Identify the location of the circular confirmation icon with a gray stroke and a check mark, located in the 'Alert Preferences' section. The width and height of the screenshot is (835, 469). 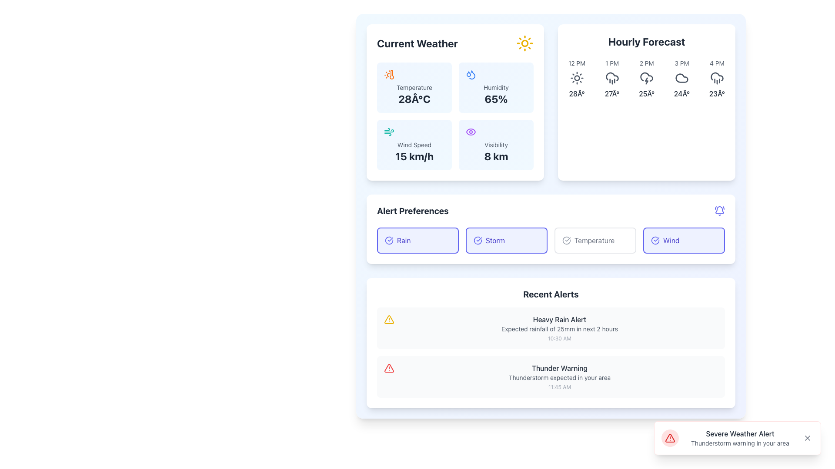
(566, 241).